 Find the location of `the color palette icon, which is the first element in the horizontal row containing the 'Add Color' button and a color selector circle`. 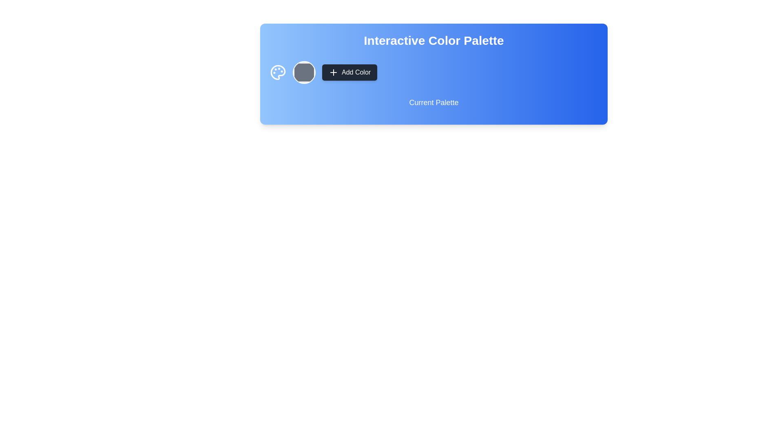

the color palette icon, which is the first element in the horizontal row containing the 'Add Color' button and a color selector circle is located at coordinates (278, 72).